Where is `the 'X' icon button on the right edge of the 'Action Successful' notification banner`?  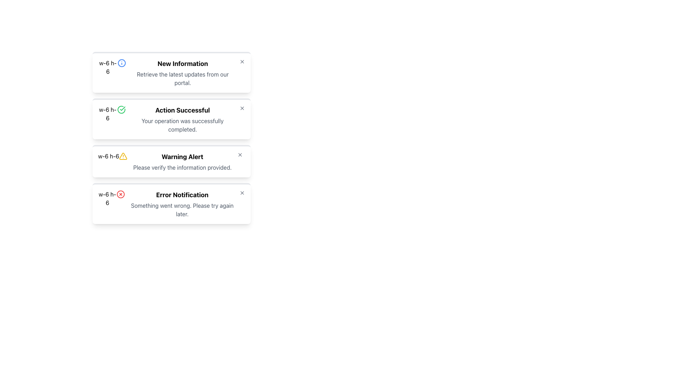 the 'X' icon button on the right edge of the 'Action Successful' notification banner is located at coordinates (242, 108).